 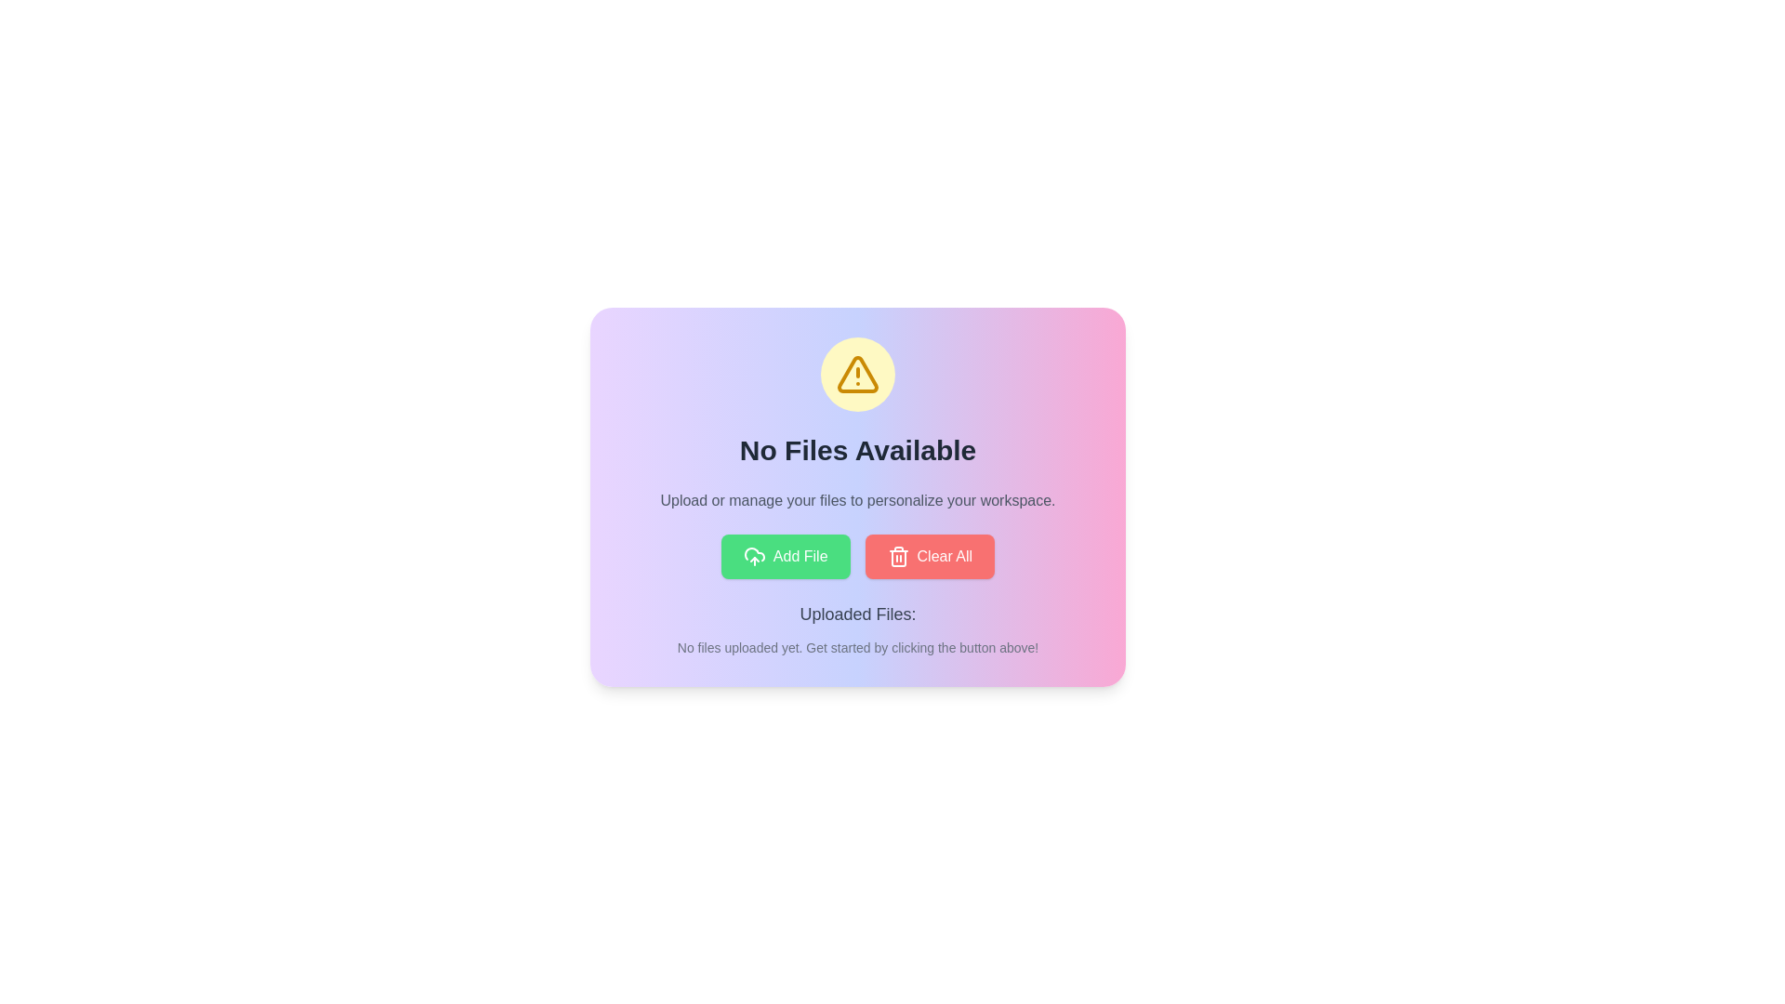 What do you see at coordinates (754, 555) in the screenshot?
I see `the upload icon located within the green 'Add File' button, positioned above the button's text at the bottom center of the card` at bounding box center [754, 555].